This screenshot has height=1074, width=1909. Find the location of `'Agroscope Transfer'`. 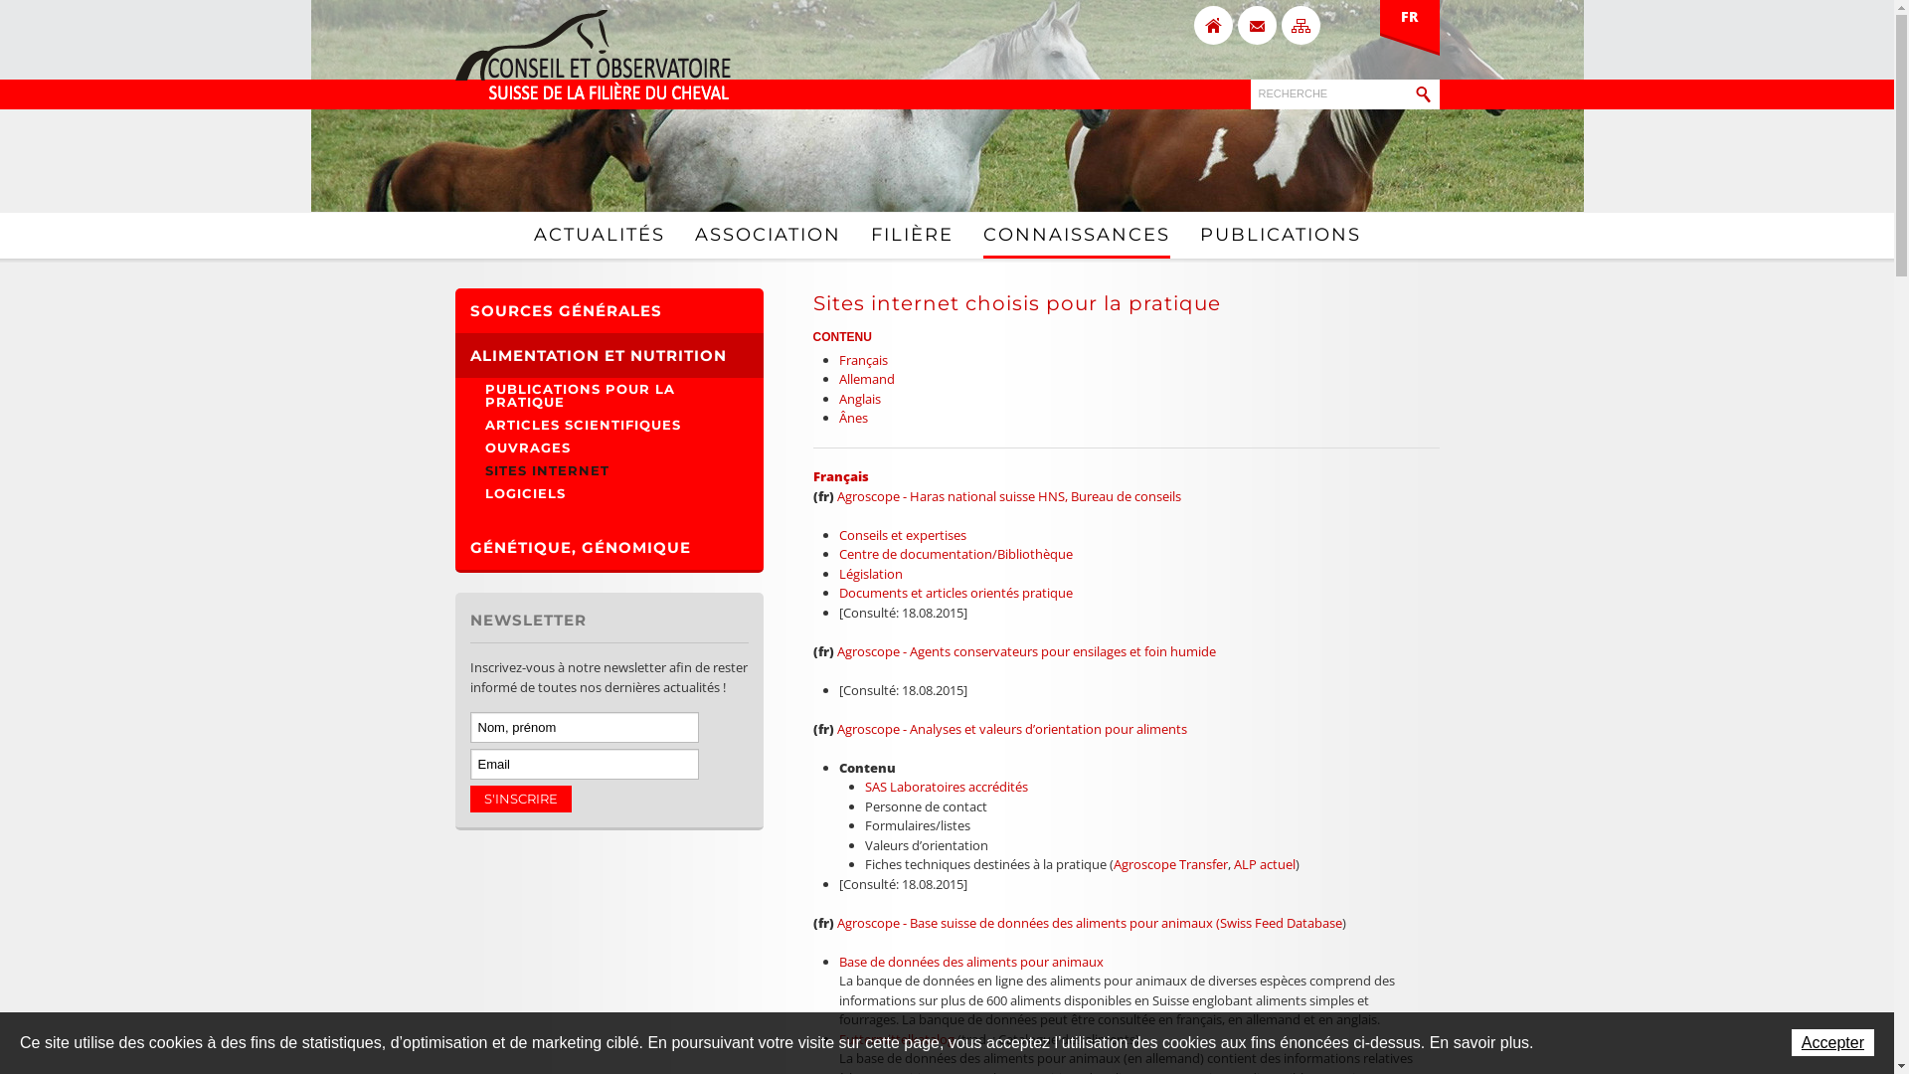

'Agroscope Transfer' is located at coordinates (1170, 862).